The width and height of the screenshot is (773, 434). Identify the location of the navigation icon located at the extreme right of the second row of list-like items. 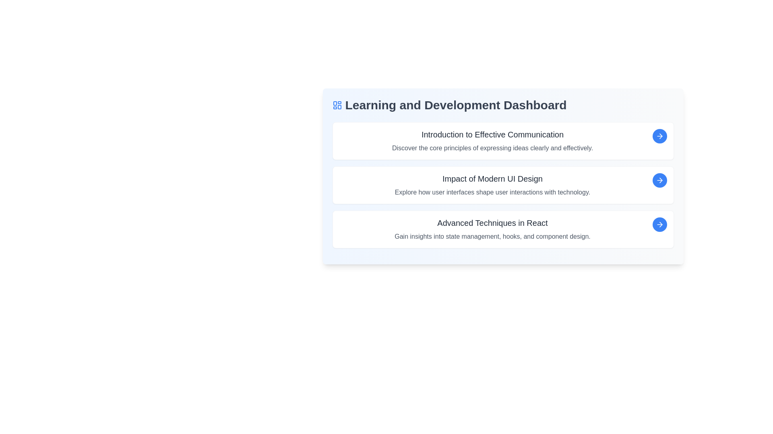
(659, 180).